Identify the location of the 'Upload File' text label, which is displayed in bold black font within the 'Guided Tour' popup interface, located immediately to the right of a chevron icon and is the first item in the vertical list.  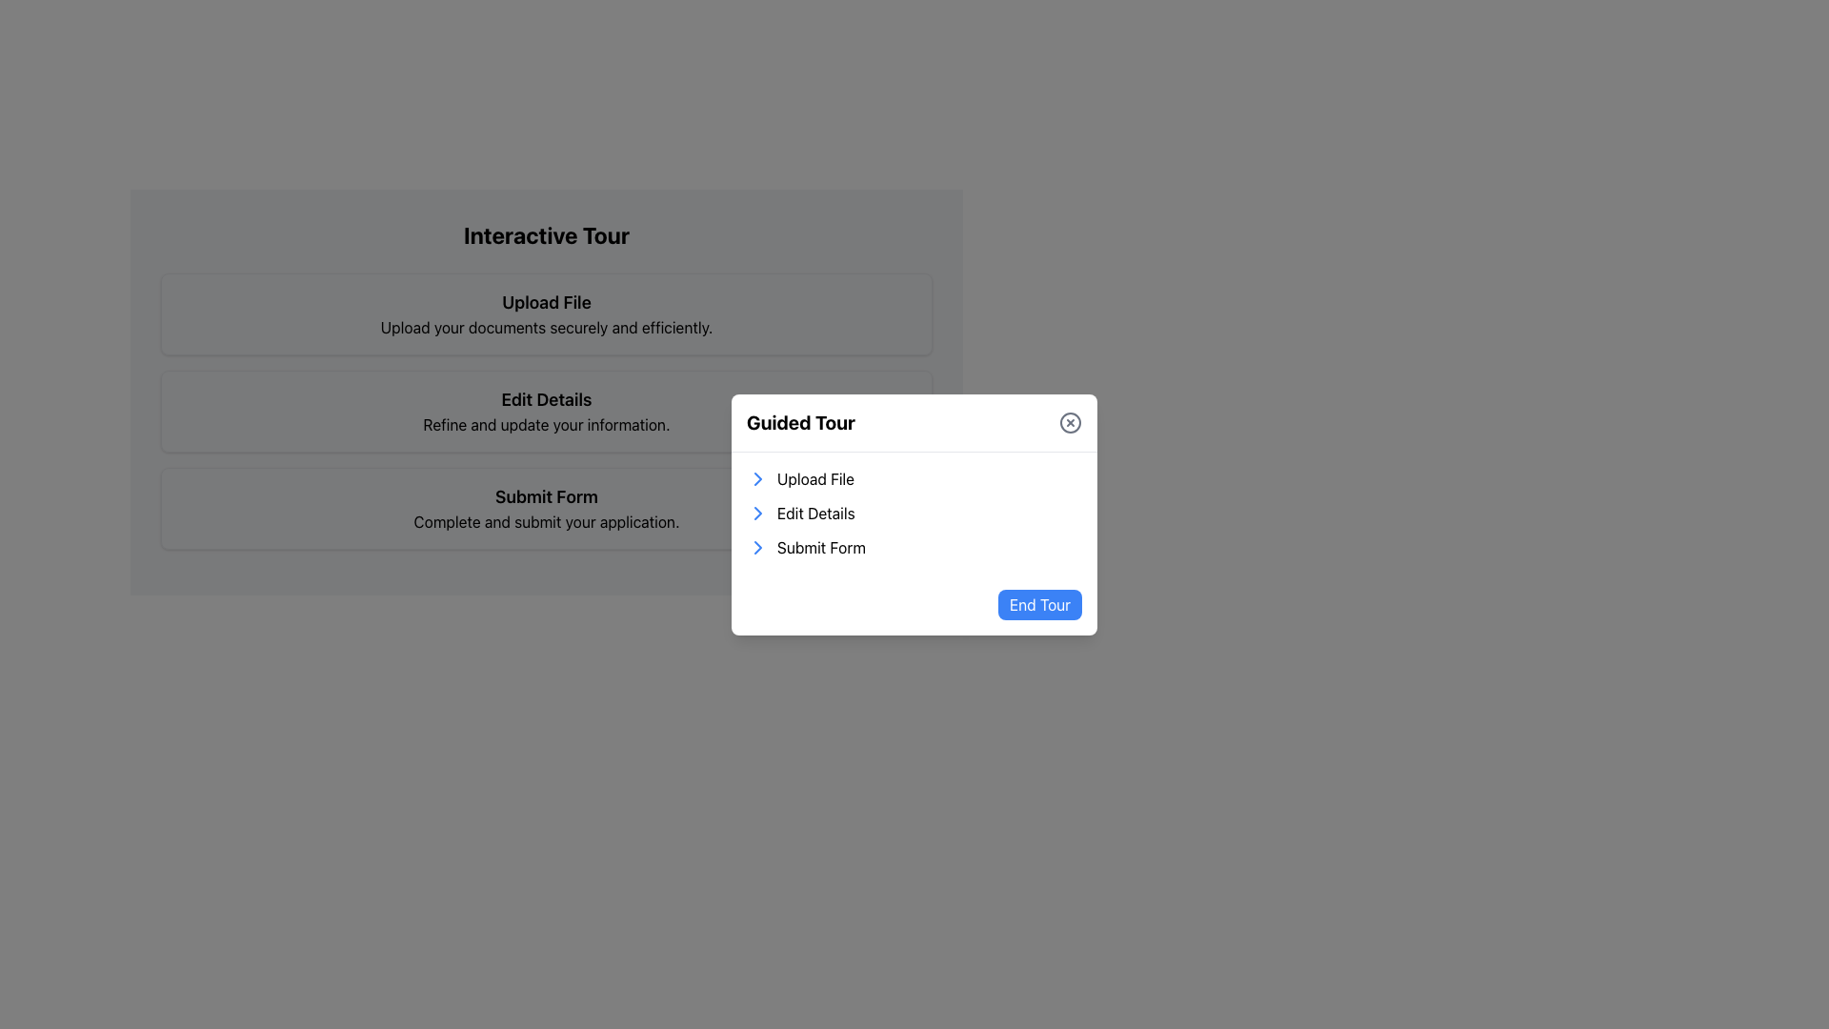
(815, 477).